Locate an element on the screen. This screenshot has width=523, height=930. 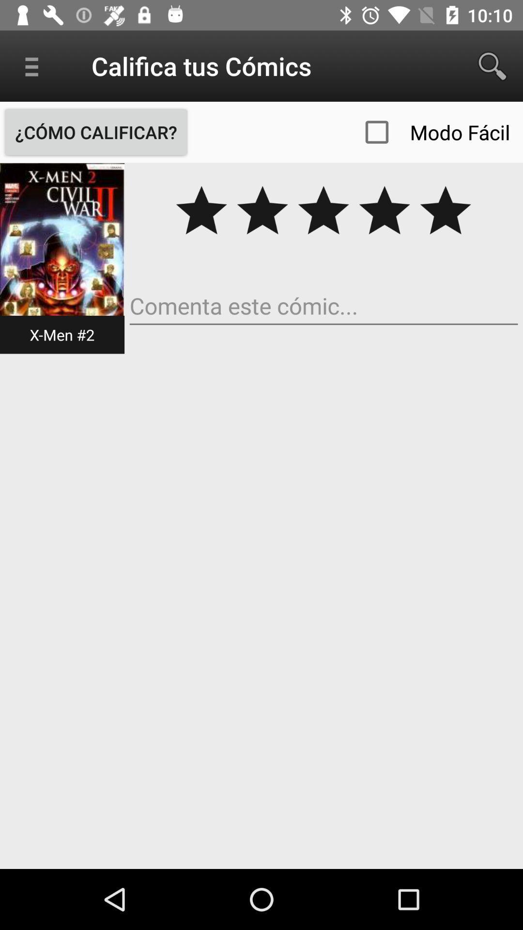
open image option is located at coordinates (62, 258).